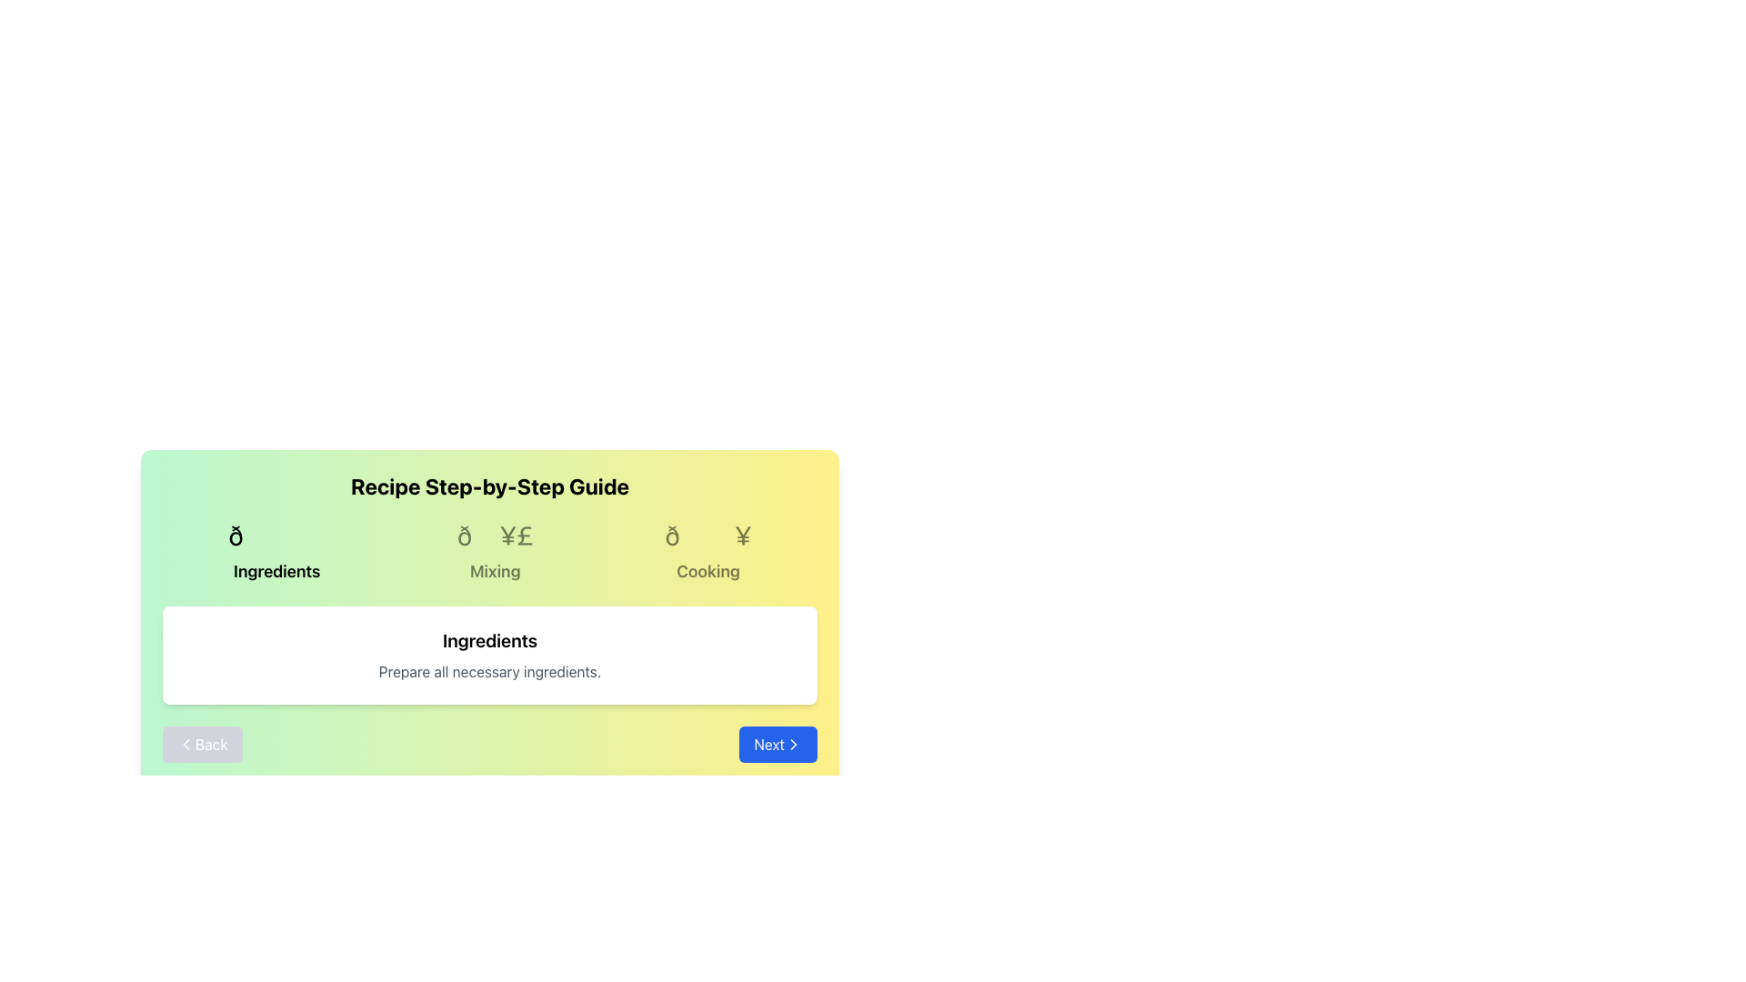 This screenshot has height=982, width=1746. Describe the element at coordinates (794, 744) in the screenshot. I see `the arrow icon pointing to the right, which is located to the right of the 'Next' button with a blue background and rounded corners` at that location.